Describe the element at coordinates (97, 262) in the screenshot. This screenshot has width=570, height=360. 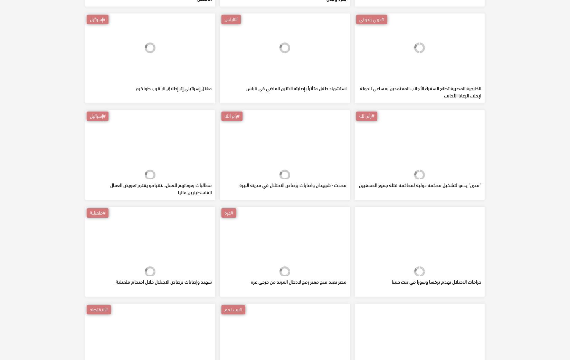
I see `'#قلقيلية'` at that location.